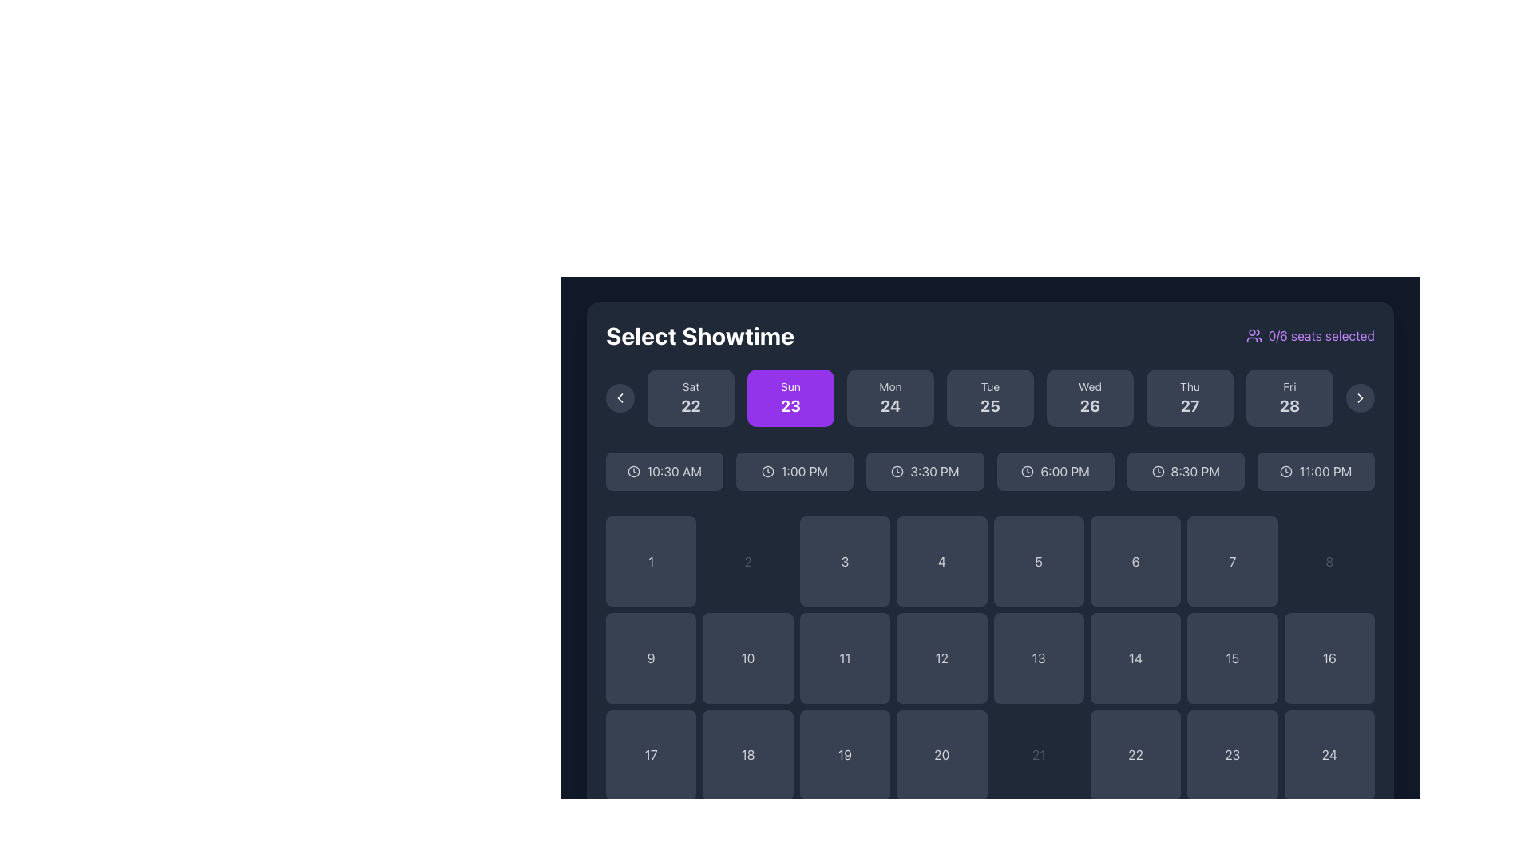 This screenshot has height=862, width=1533. What do you see at coordinates (1056, 470) in the screenshot?
I see `the rounded rectangular button labeled '6:00 PM' with a dark gray background for keyboard interaction` at bounding box center [1056, 470].